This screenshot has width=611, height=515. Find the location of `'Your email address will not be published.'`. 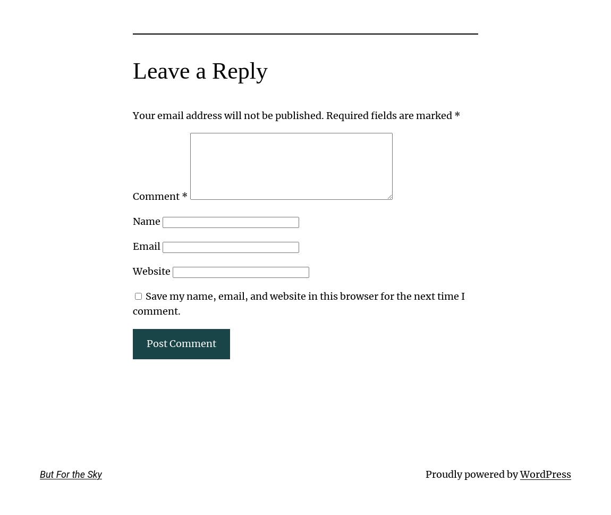

'Your email address will not be published.' is located at coordinates (228, 115).